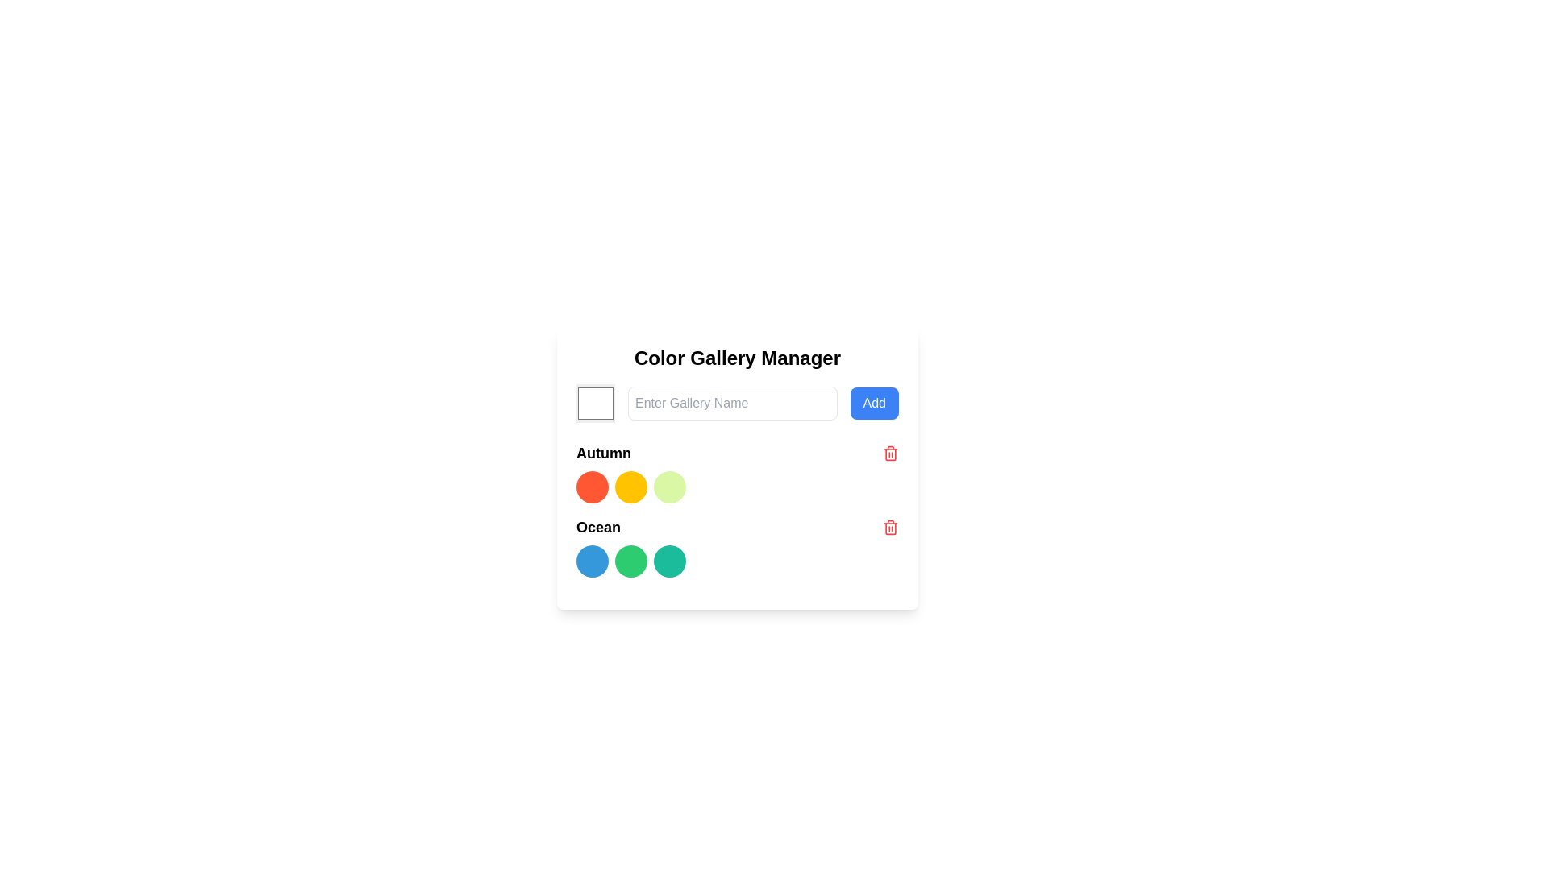  I want to click on the circular button with a teal background located in the second row of the color group labeled 'Ocean,' specifically the third circular element from the left, so click(669, 561).